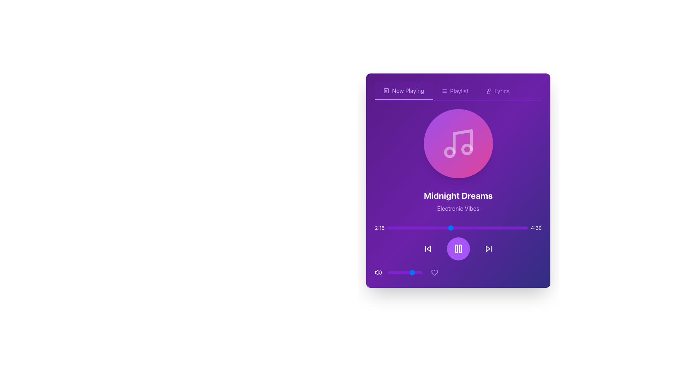  I want to click on the 'Pause' button located centrally in the bottom control section, so click(458, 248).